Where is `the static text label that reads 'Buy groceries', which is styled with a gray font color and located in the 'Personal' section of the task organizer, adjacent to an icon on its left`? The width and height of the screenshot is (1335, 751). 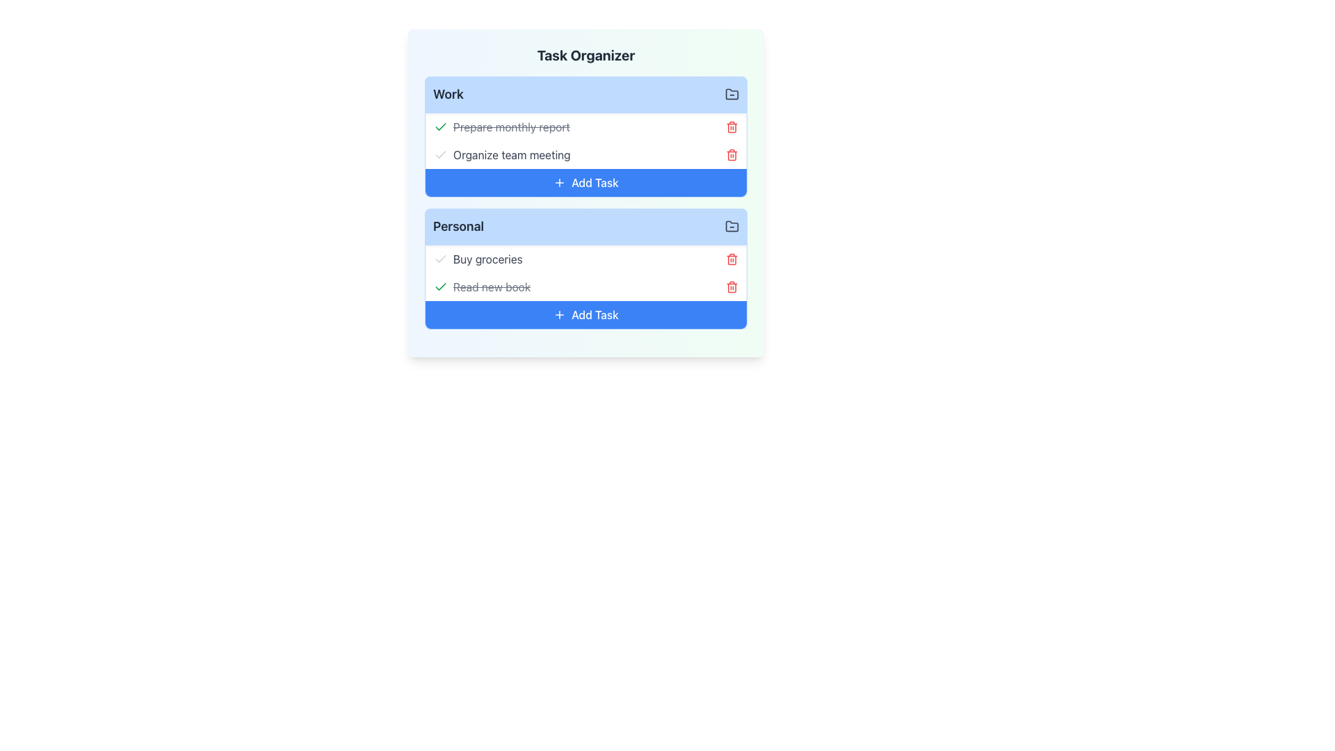
the static text label that reads 'Buy groceries', which is styled with a gray font color and located in the 'Personal' section of the task organizer, adjacent to an icon on its left is located at coordinates (487, 259).